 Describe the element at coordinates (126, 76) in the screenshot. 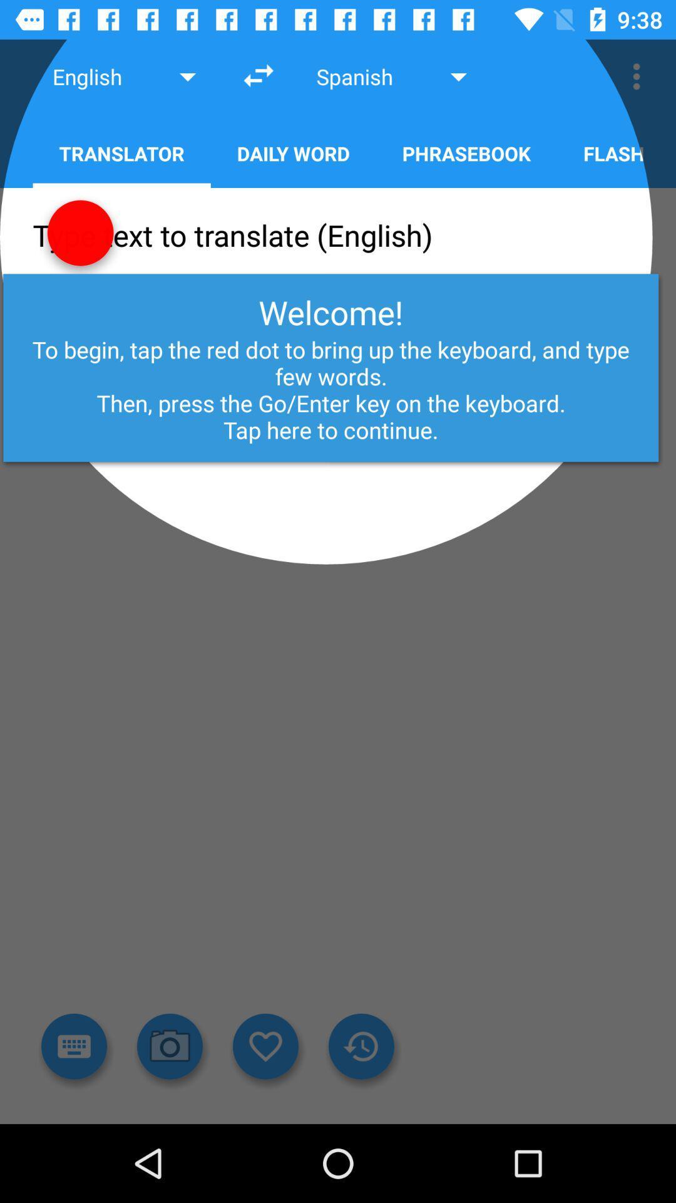

I see `english above translator` at that location.